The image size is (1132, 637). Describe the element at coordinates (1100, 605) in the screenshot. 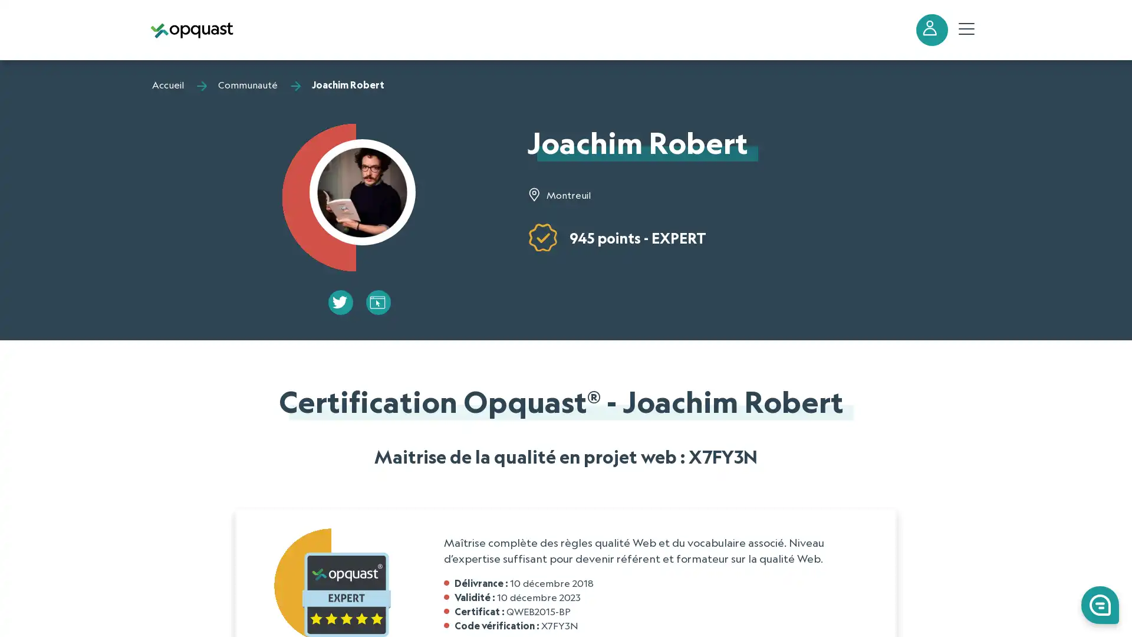

I see `Launch Front Chat` at that location.